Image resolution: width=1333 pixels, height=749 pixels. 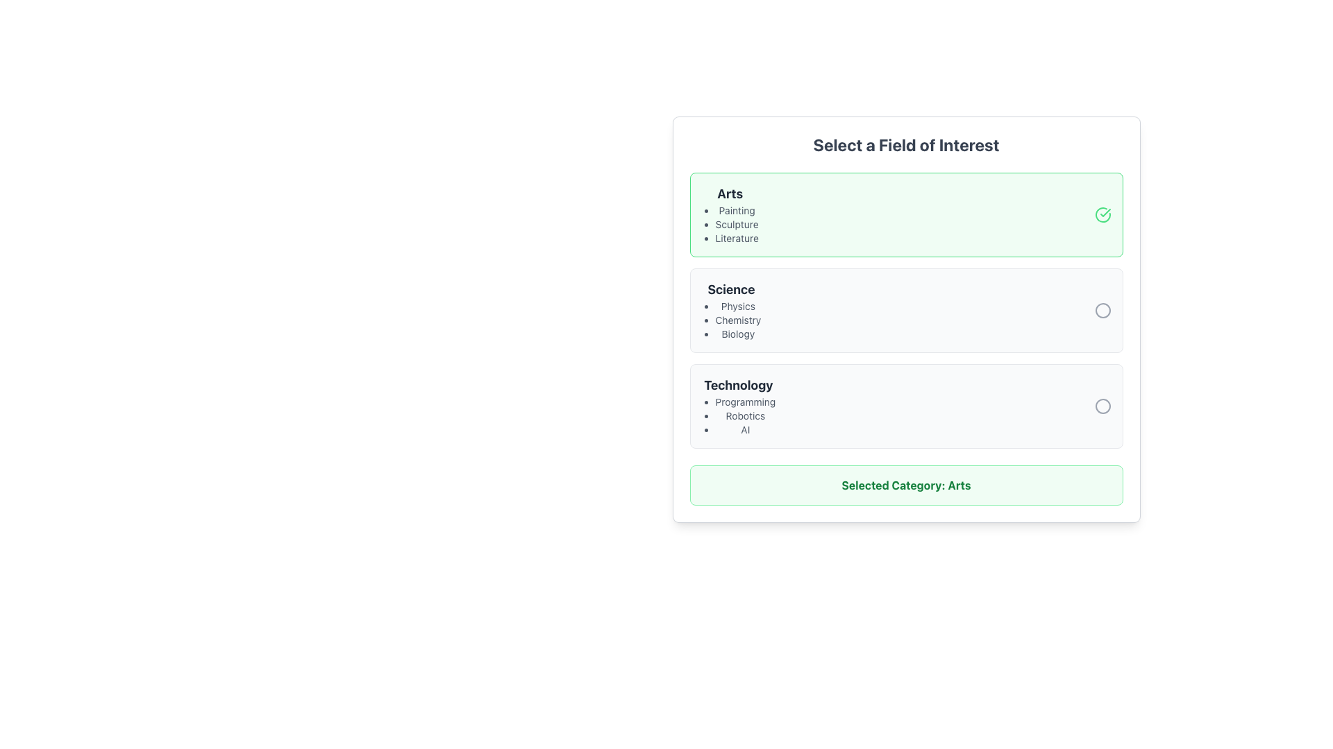 What do you see at coordinates (729, 224) in the screenshot?
I see `the Unordered List containing the items 'Painting,' 'Sculpture,' and 'Literature' that is located within the green-highlighted area titled 'Arts.'` at bounding box center [729, 224].